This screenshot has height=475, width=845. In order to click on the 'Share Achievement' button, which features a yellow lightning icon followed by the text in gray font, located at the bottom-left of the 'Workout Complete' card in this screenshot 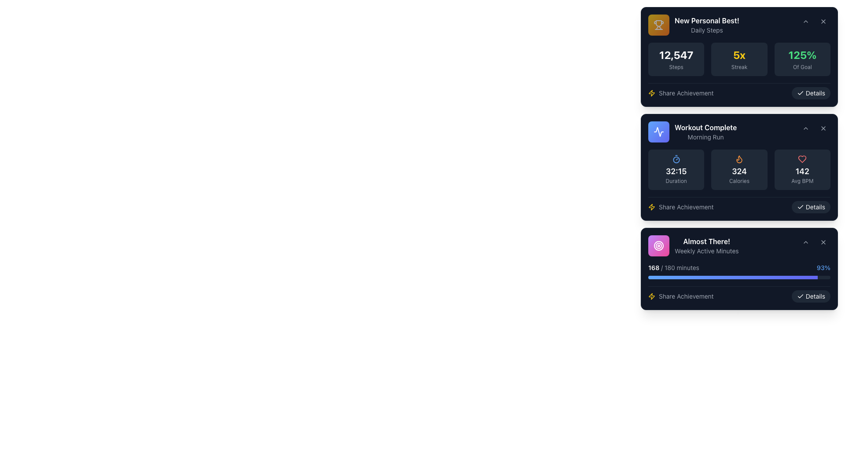, I will do `click(680, 207)`.